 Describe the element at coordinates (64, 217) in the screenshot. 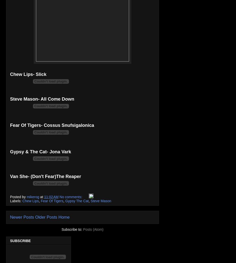

I see `'Home'` at that location.